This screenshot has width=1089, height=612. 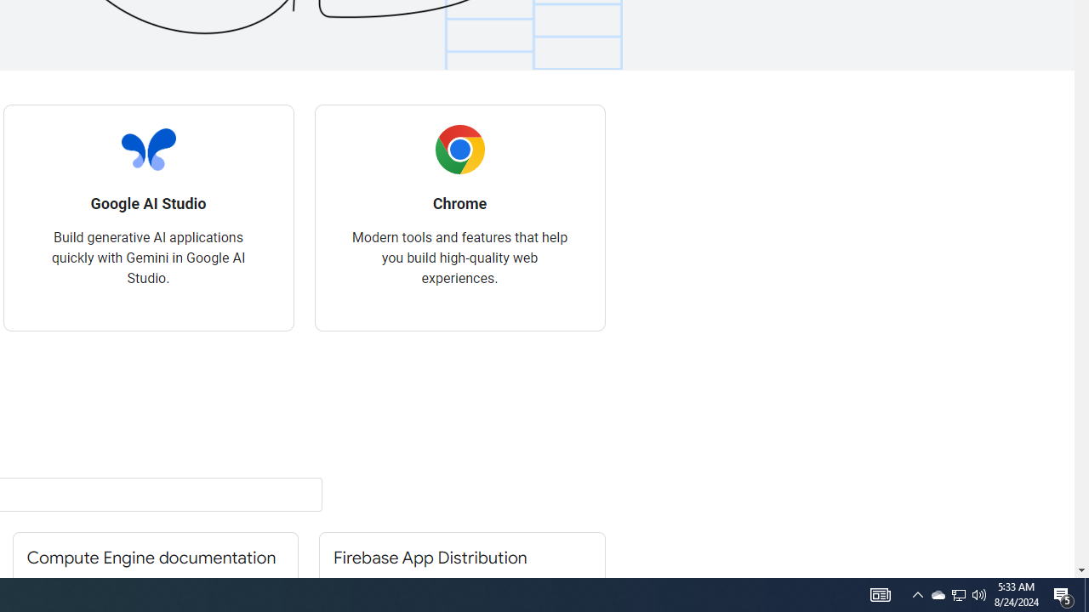 What do you see at coordinates (148, 149) in the screenshot?
I see `'Google AI Studio logo'` at bounding box center [148, 149].